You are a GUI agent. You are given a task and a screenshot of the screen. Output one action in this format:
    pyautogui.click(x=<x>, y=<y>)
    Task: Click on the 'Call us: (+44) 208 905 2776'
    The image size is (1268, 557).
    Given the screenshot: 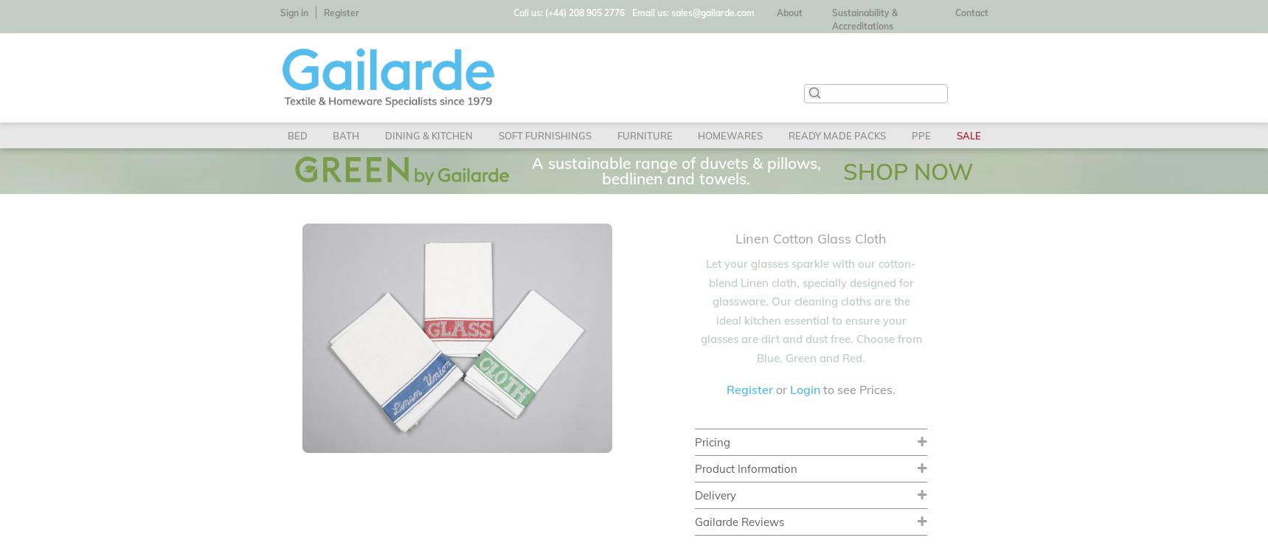 What is the action you would take?
    pyautogui.click(x=569, y=13)
    